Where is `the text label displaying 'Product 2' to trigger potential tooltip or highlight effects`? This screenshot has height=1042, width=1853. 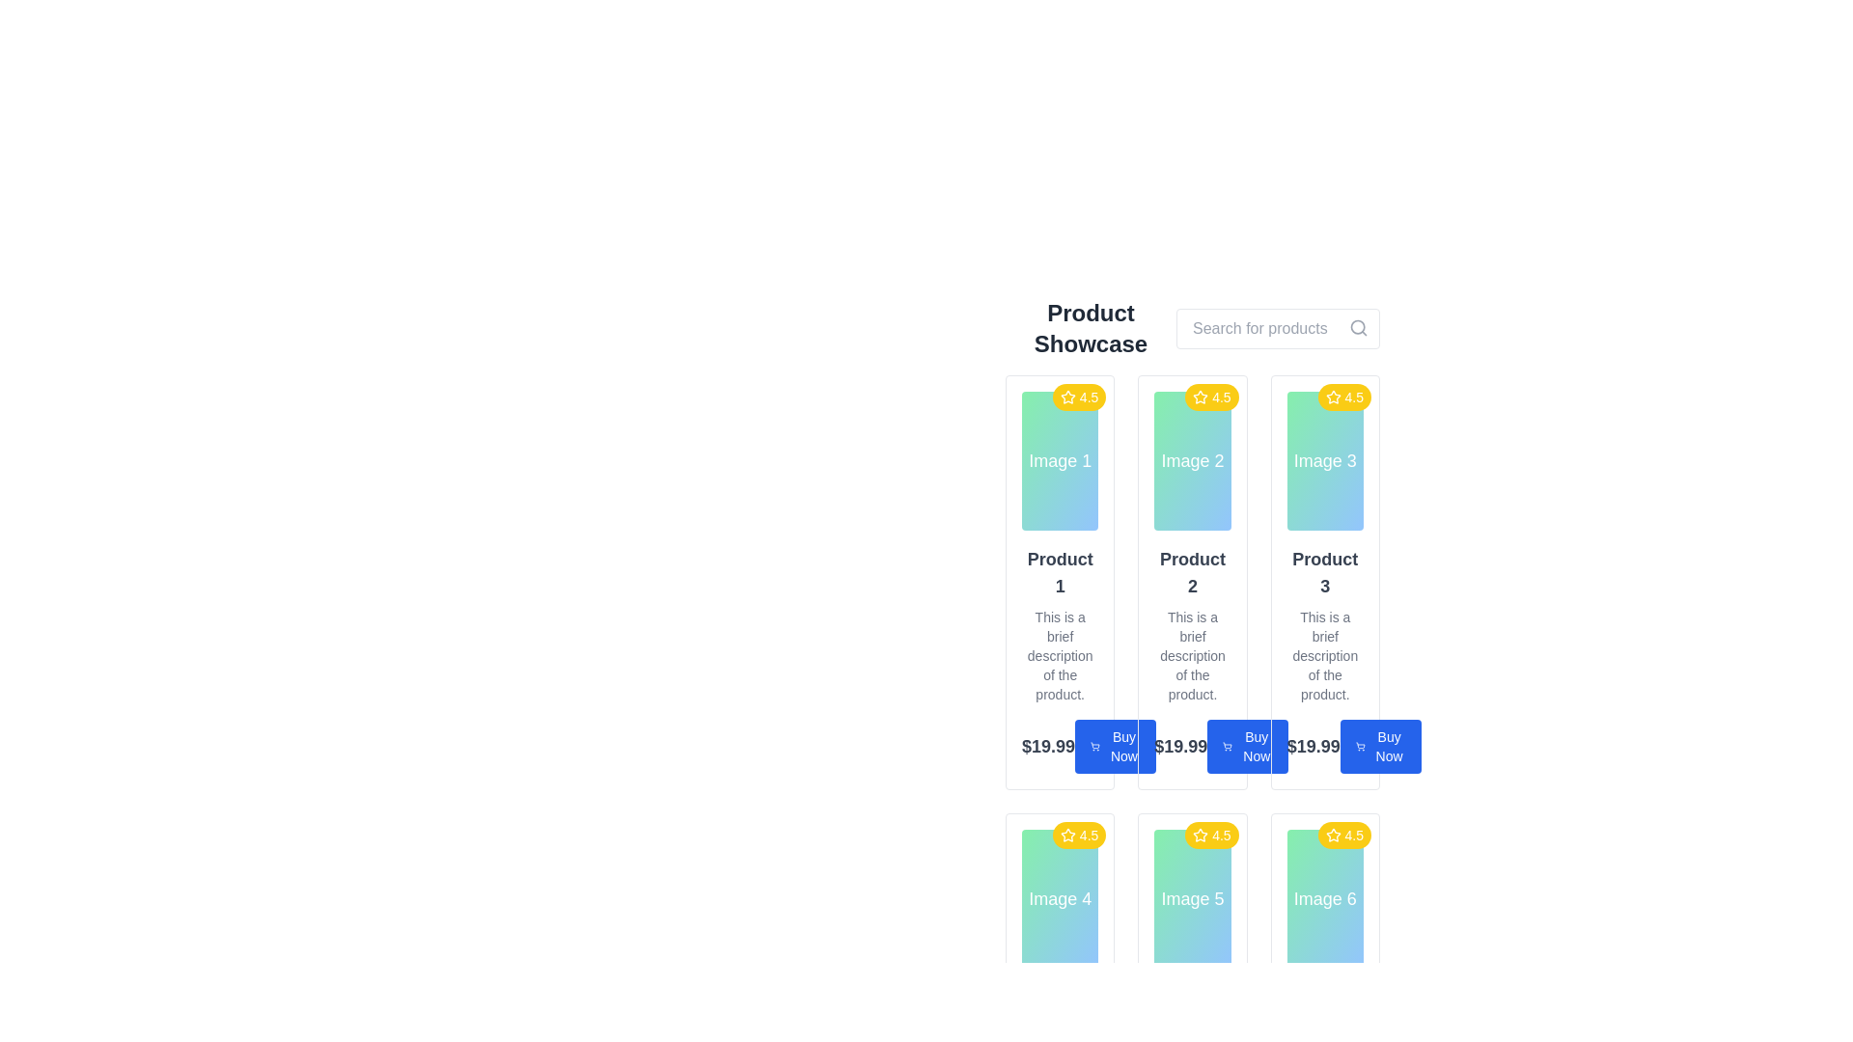
the text label displaying 'Product 2' to trigger potential tooltip or highlight effects is located at coordinates (1191, 572).